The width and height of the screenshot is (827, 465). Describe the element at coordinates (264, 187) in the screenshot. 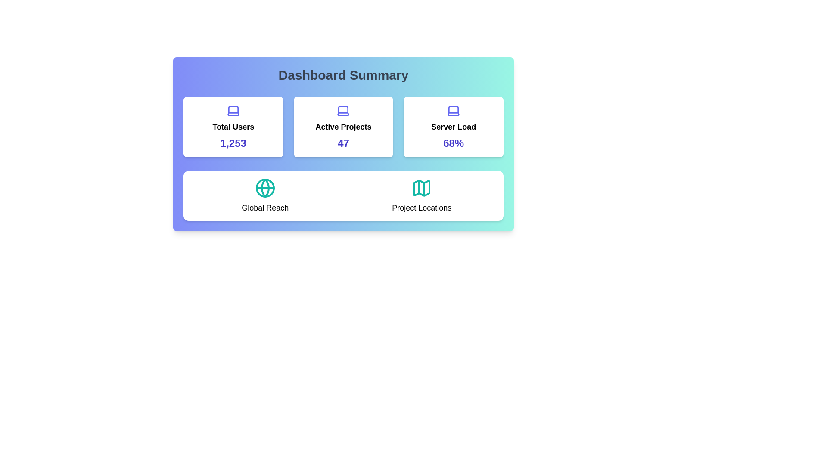

I see `the outer circular component of the globe icon, which has a teal outline and is located in the center of the SVG graphic representing the Global Reach section on the dashboard` at that location.